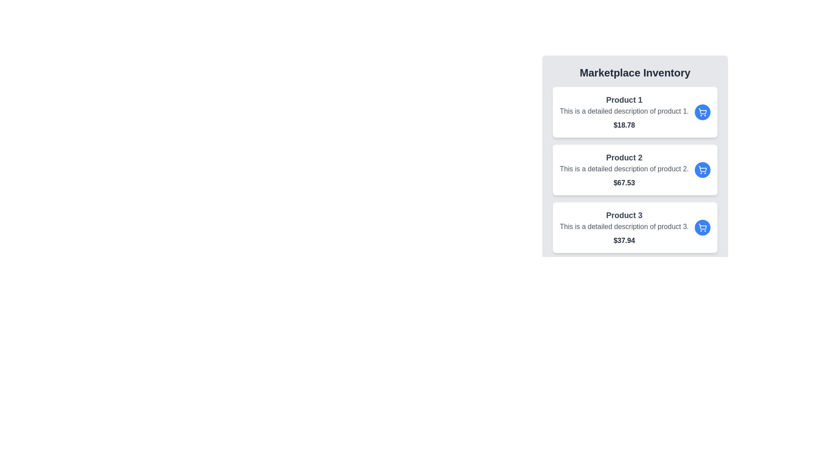 This screenshot has height=472, width=839. What do you see at coordinates (703, 227) in the screenshot?
I see `the 'Add to Cart' button for 'Product 3'` at bounding box center [703, 227].